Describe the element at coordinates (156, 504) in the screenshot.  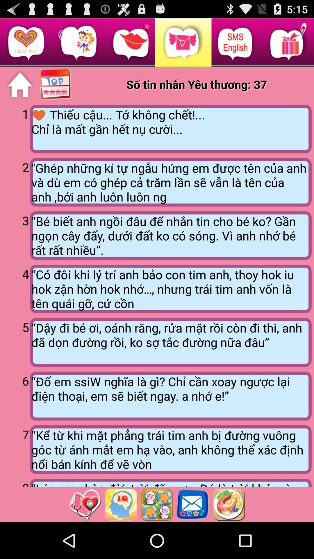
I see `option` at that location.